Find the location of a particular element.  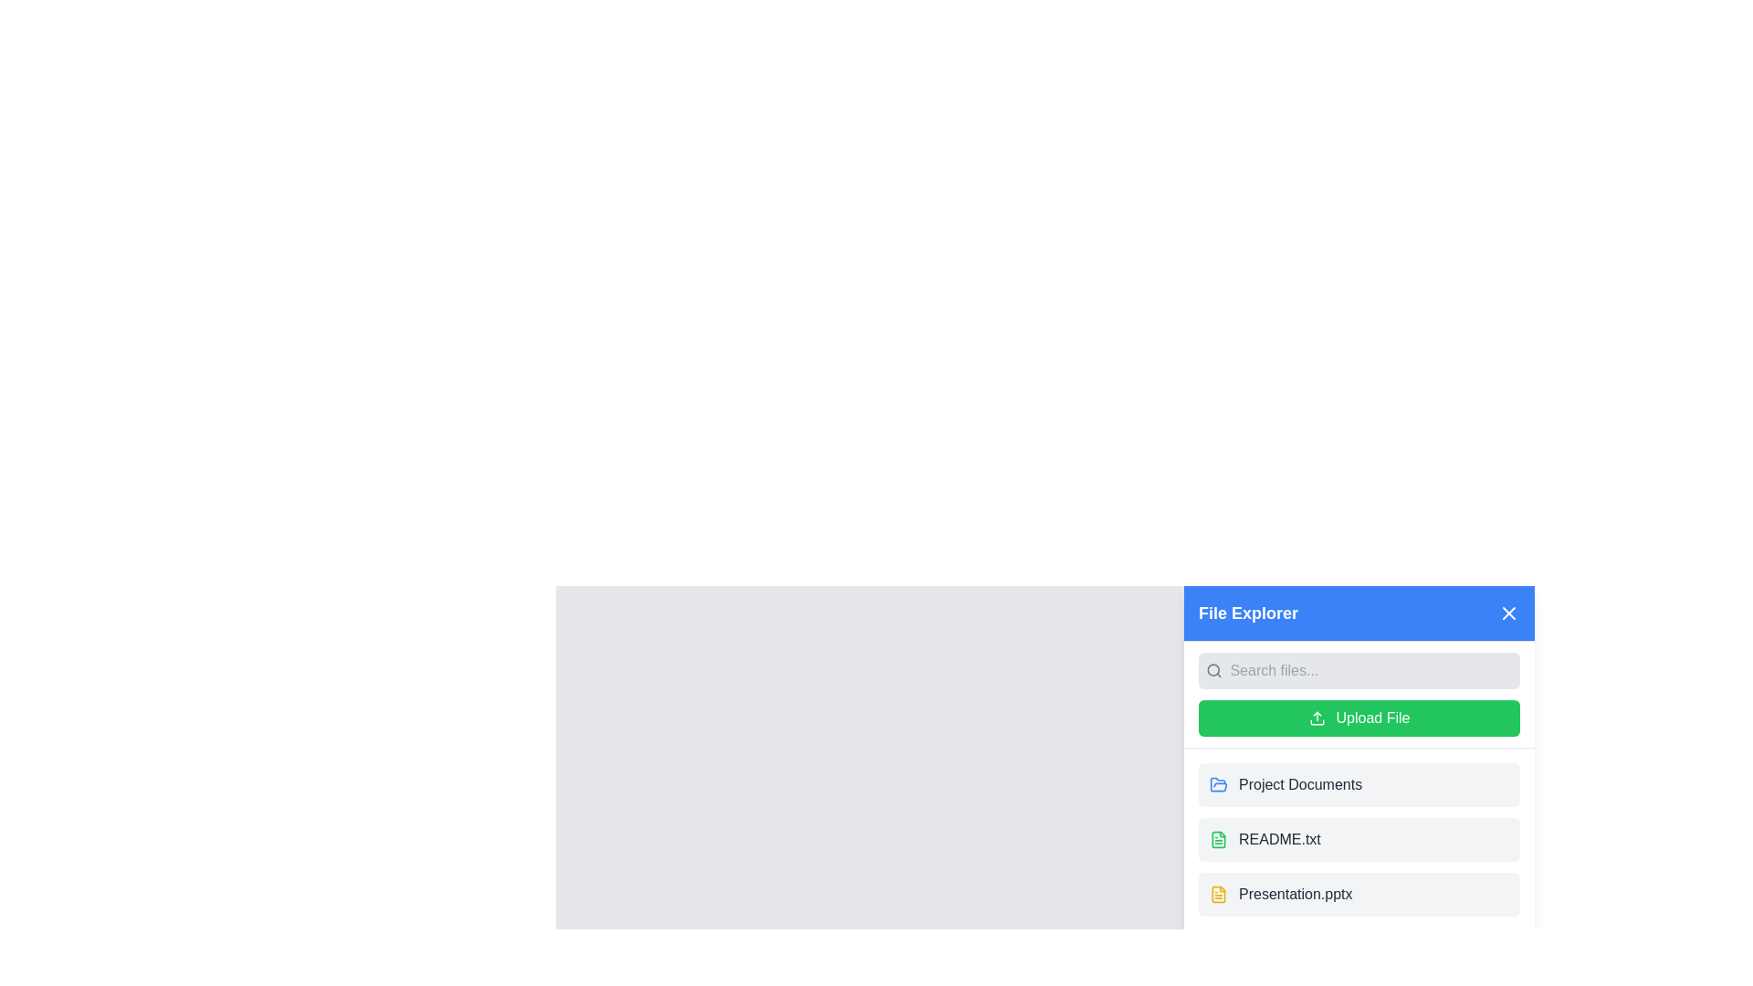

the rounded 'X' icon button located at the top-right corner of the 'File Explorer' header is located at coordinates (1508, 613).